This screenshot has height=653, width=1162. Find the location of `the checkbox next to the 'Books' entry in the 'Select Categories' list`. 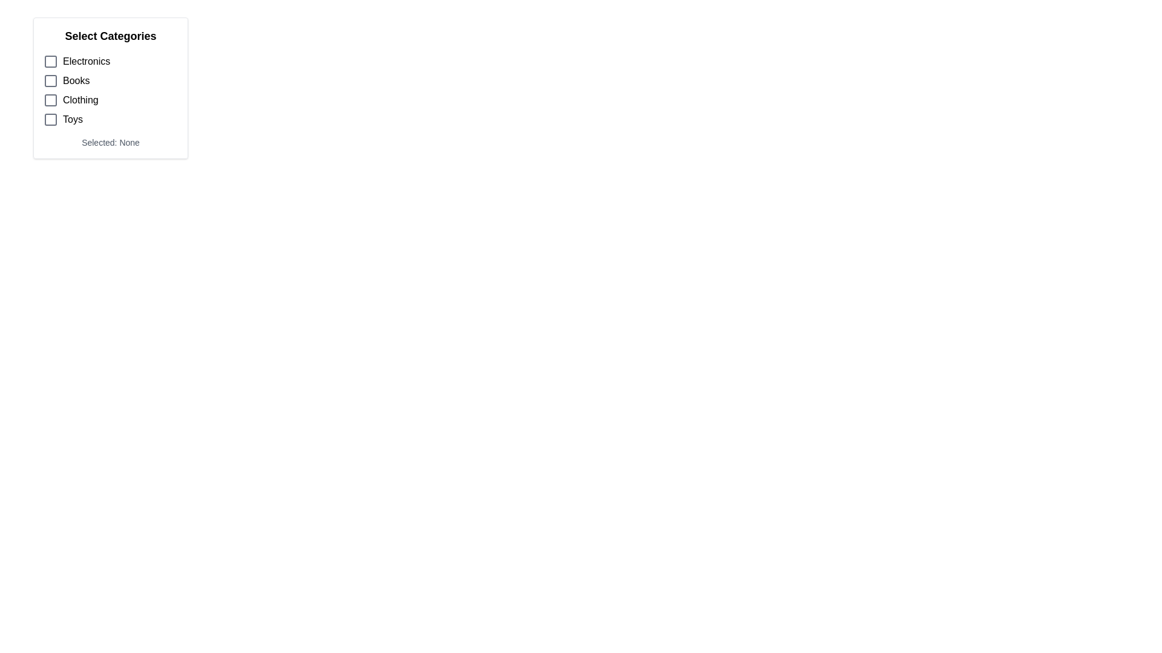

the checkbox next to the 'Books' entry in the 'Select Categories' list is located at coordinates (110, 81).